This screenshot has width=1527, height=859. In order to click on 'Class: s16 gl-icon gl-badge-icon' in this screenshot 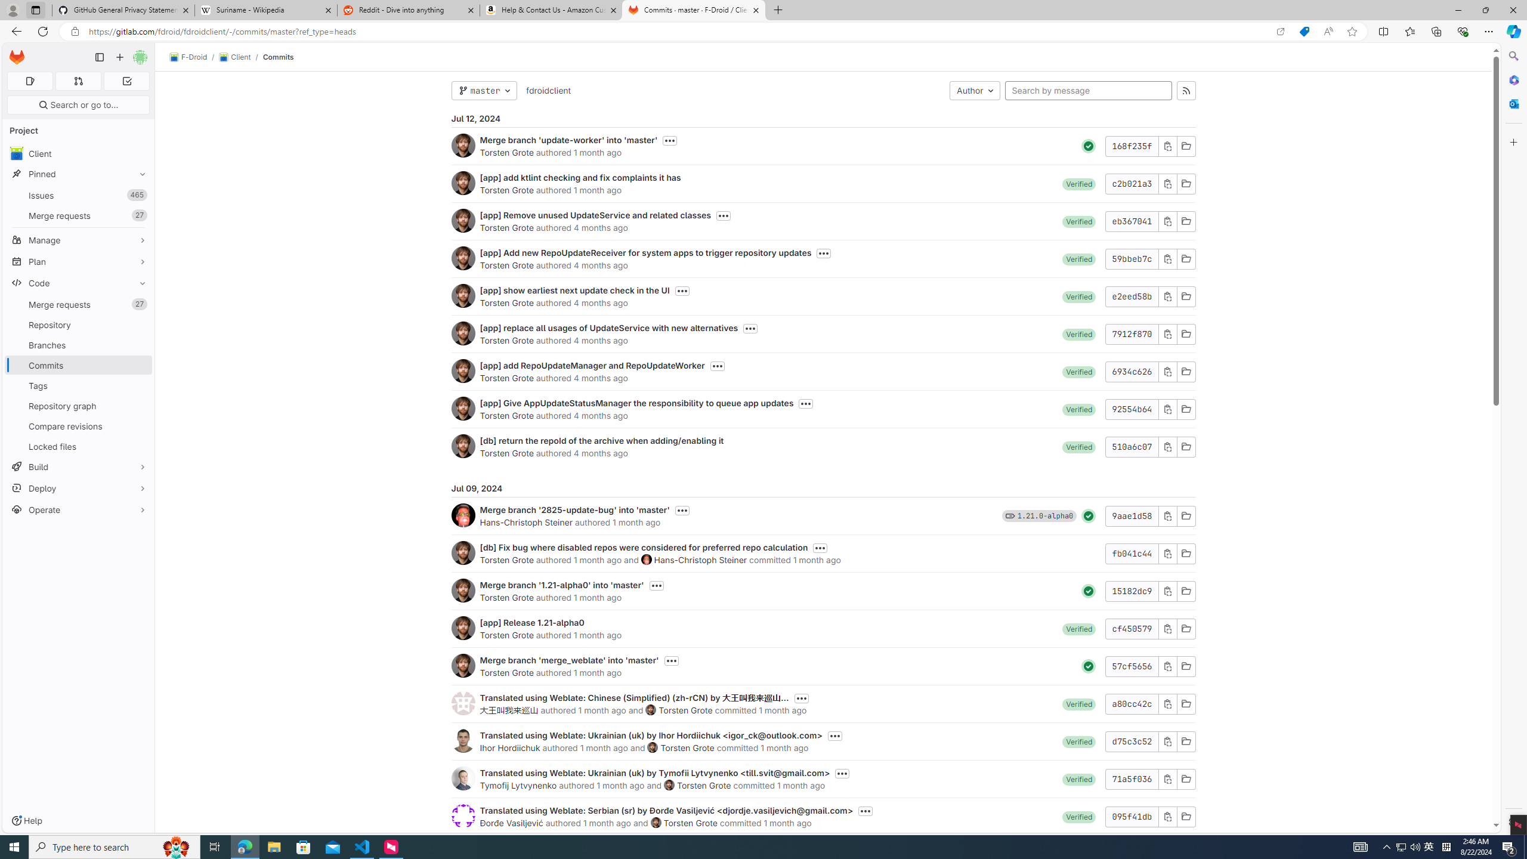, I will do `click(1009, 515)`.